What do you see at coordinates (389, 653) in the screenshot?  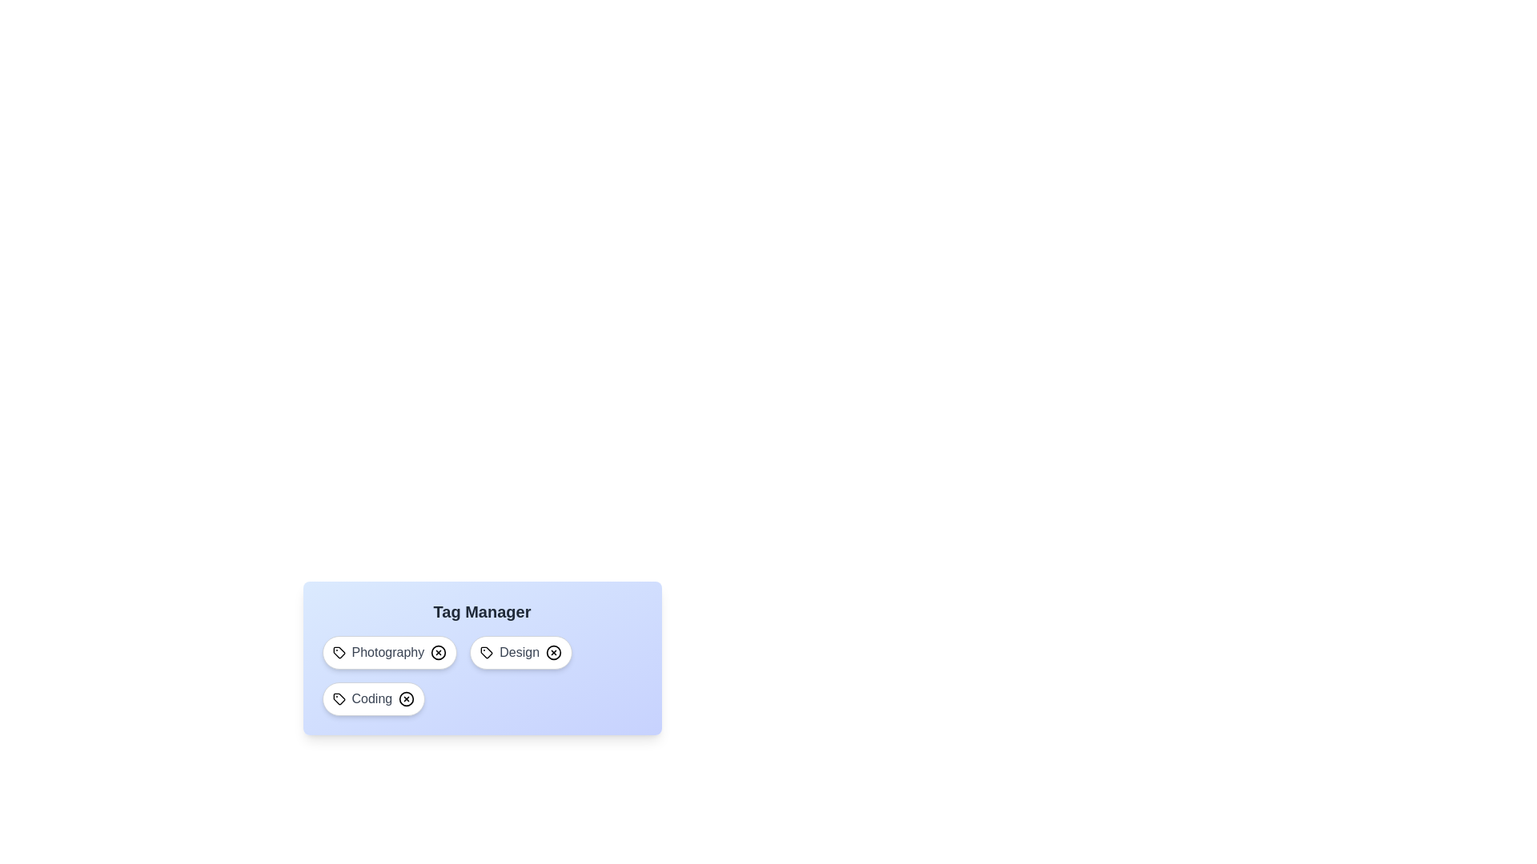 I see `the tag labeled Photography` at bounding box center [389, 653].